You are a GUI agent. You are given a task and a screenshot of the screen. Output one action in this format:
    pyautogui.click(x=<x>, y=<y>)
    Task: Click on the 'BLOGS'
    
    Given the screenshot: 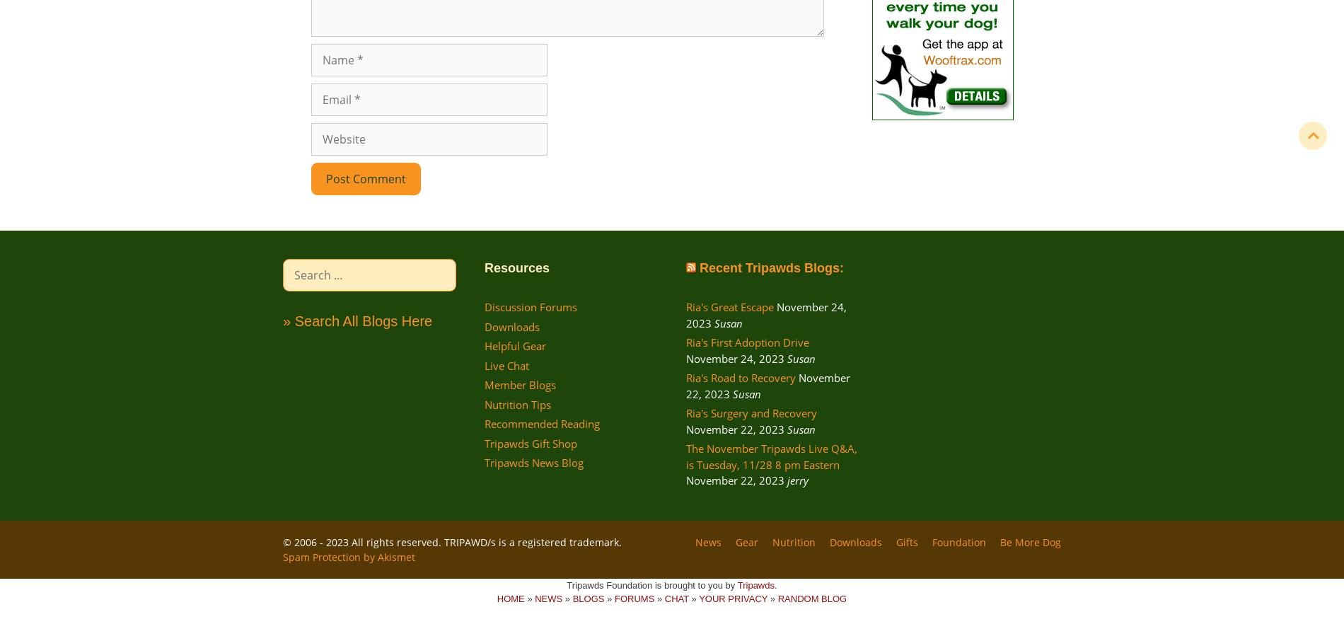 What is the action you would take?
    pyautogui.click(x=587, y=599)
    